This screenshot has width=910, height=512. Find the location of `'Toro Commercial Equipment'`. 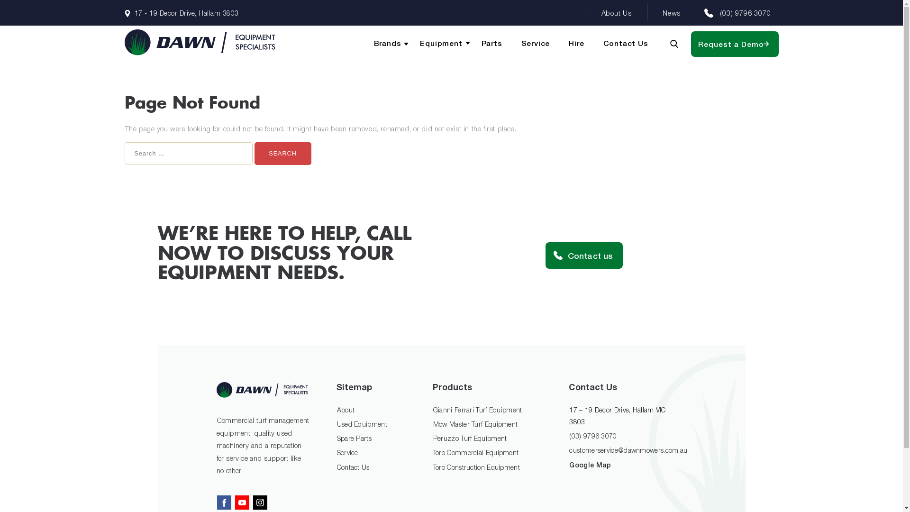

'Toro Commercial Equipment' is located at coordinates (432, 452).